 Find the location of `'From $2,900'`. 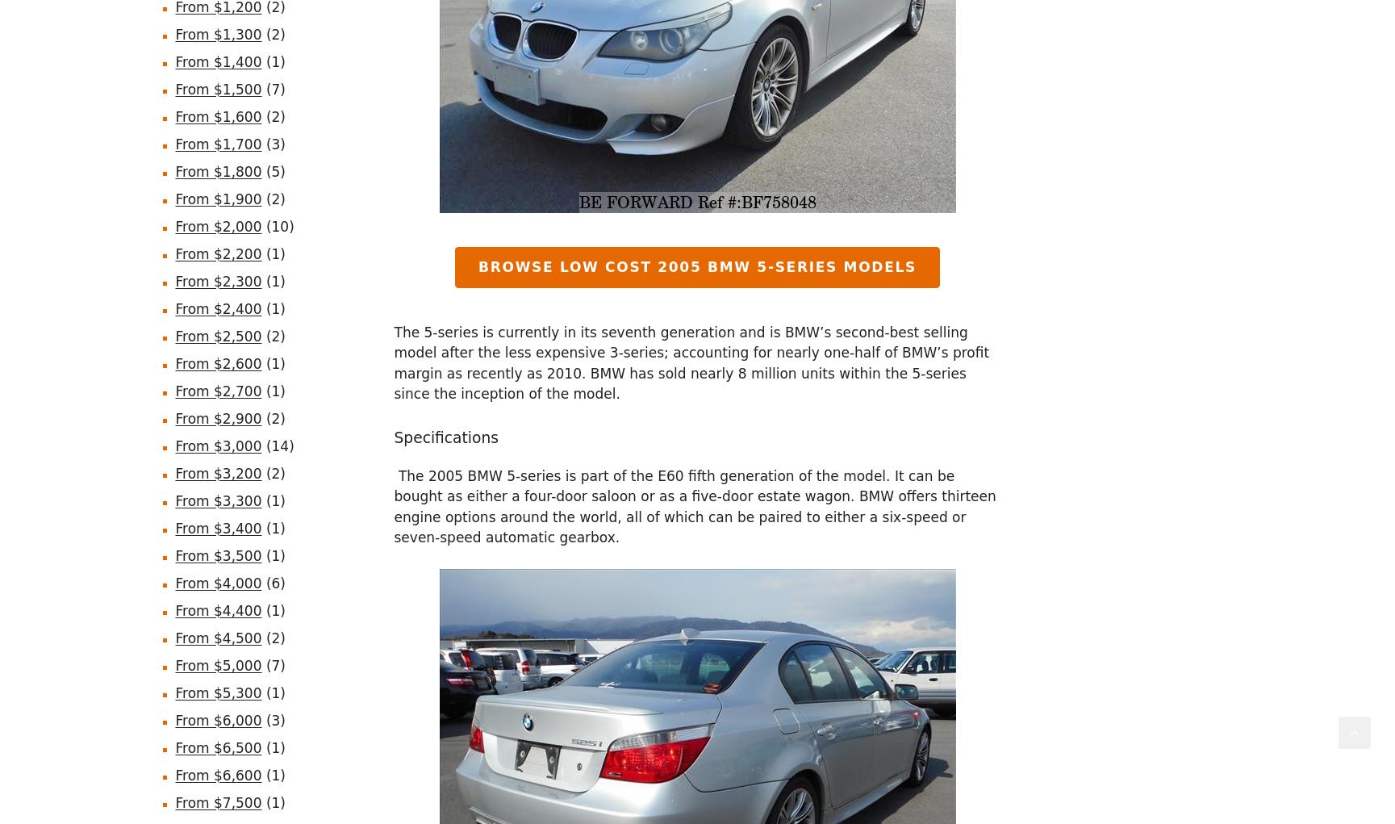

'From $2,900' is located at coordinates (173, 417).